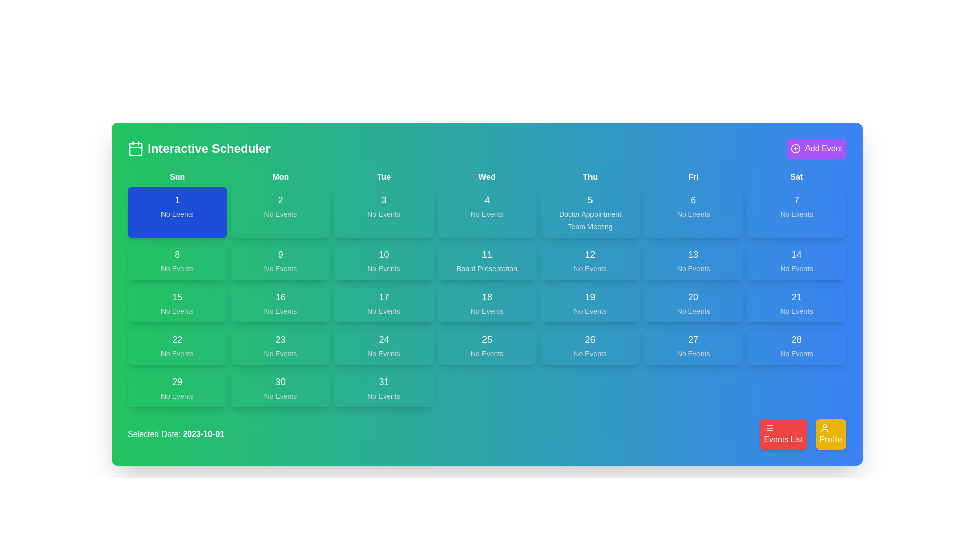  Describe the element at coordinates (487, 353) in the screenshot. I see `the text label displaying 'No Events' in light gray, located beneath '25' in the middle cell of the fifth row of the calendar` at that location.